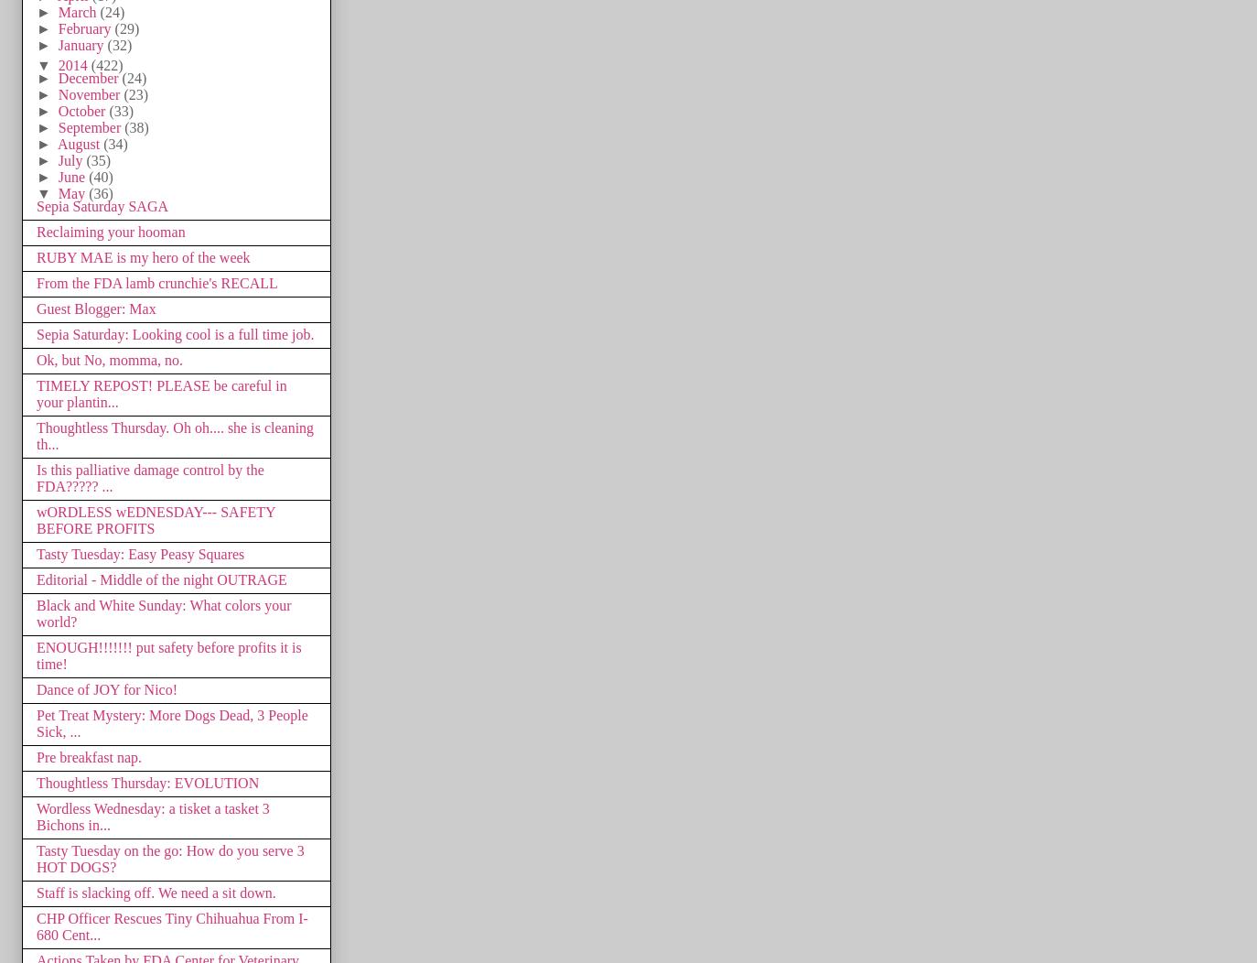 This screenshot has width=1257, height=963. I want to click on 'Is this palliative damage control by the FDA????? ...', so click(149, 476).